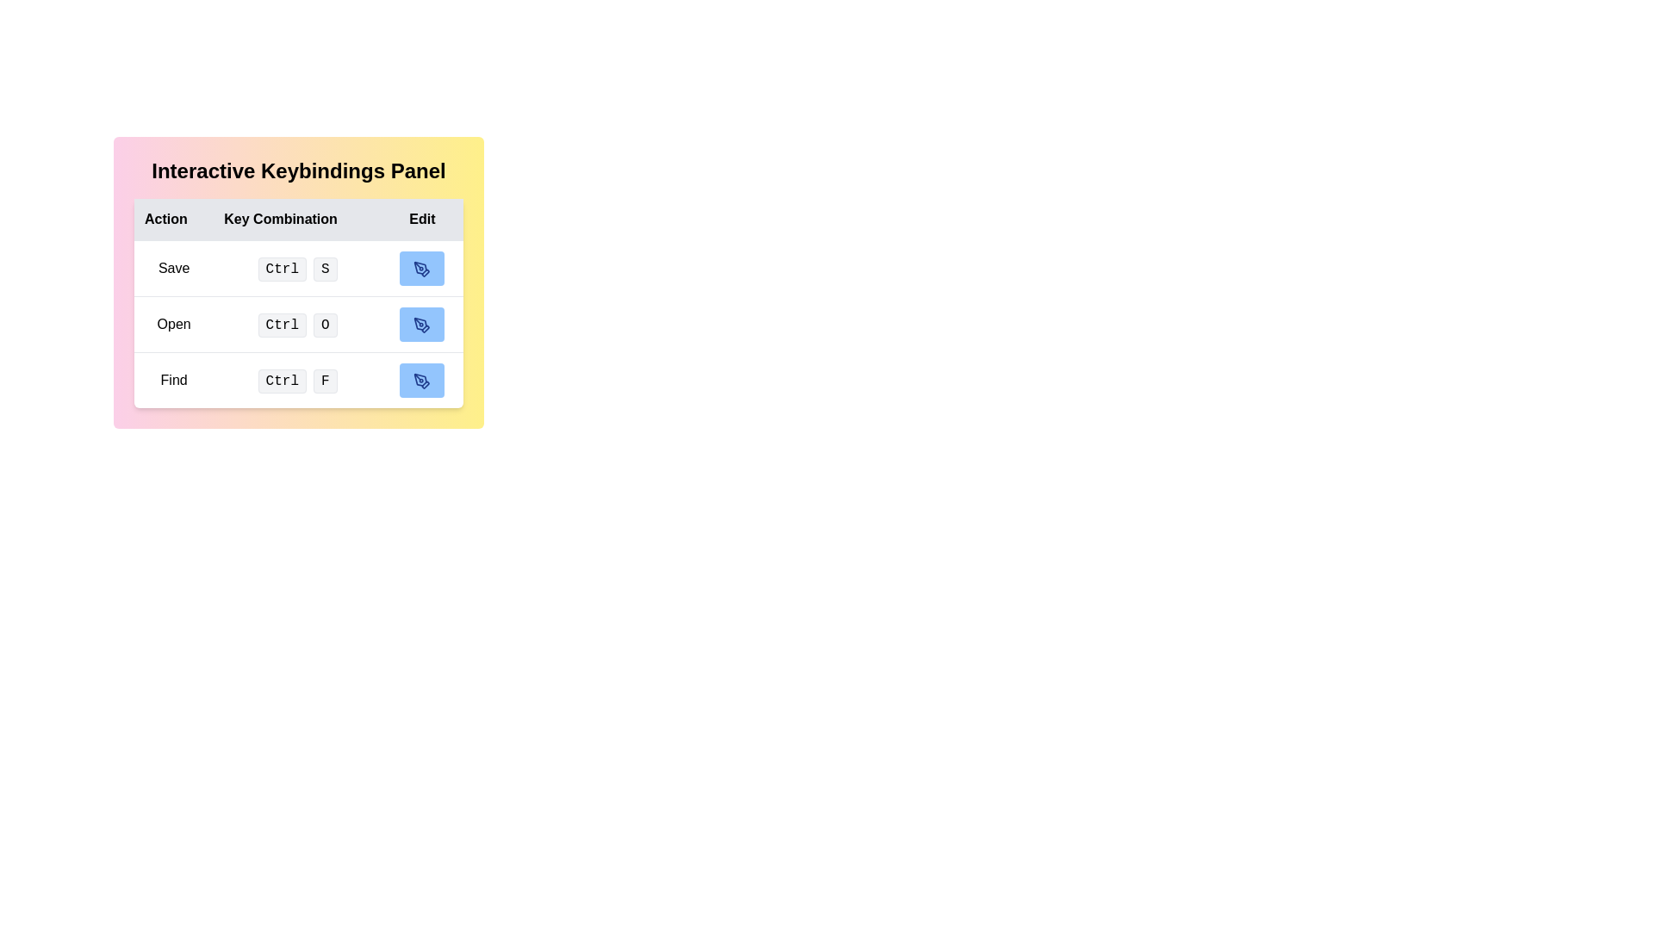  I want to click on the 'Edit' Text Label, which is the rightmost column header in the table layout, visually distinguished by its bold font and center-aligned text, so click(422, 219).